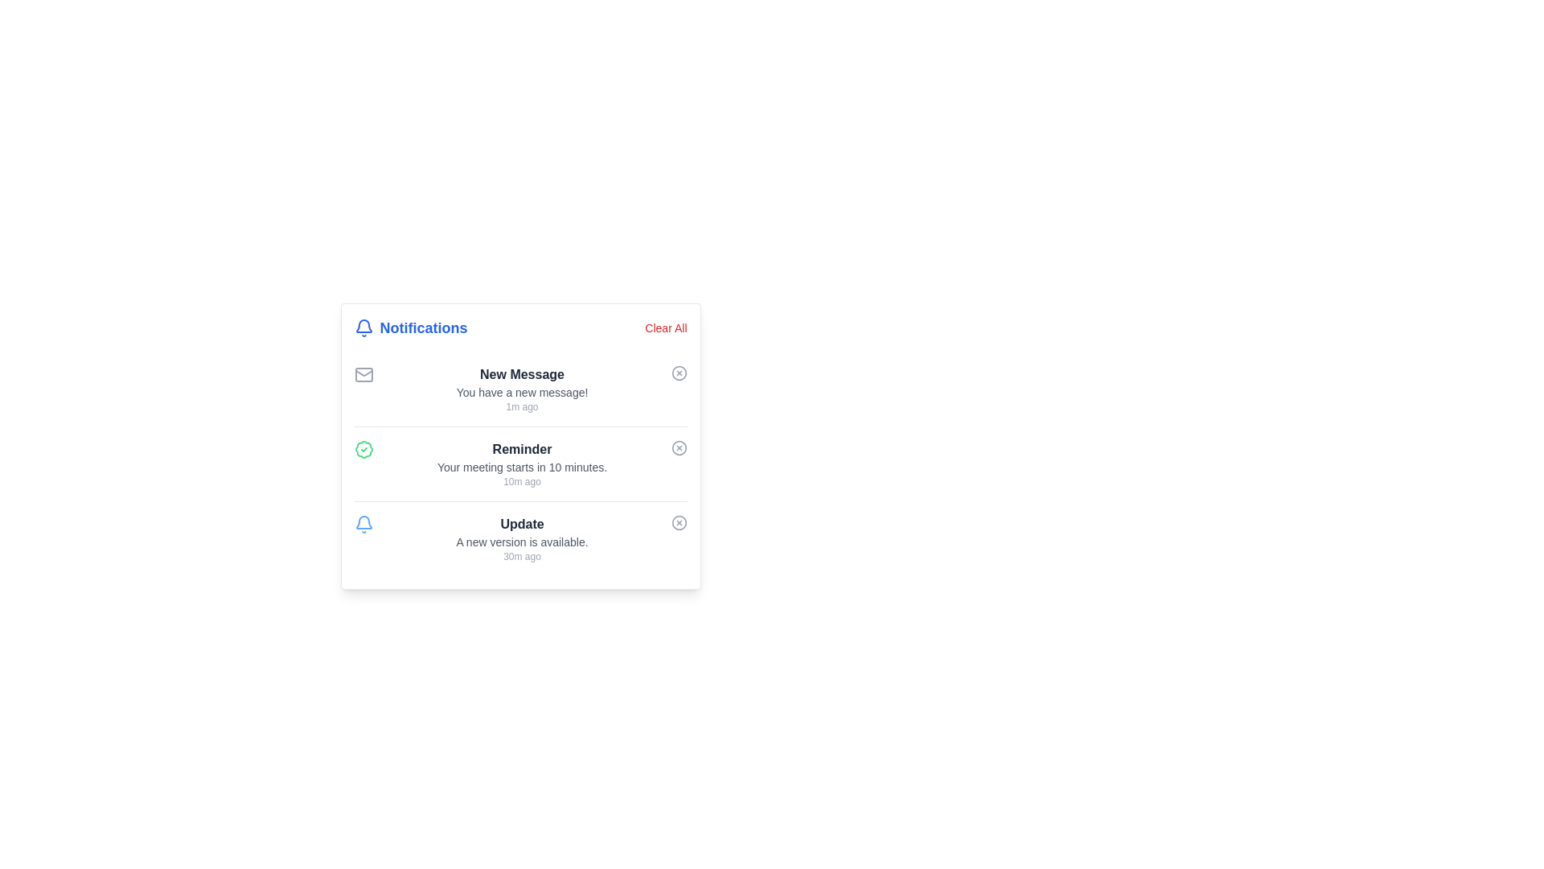 The image size is (1544, 869). Describe the element at coordinates (363, 375) in the screenshot. I see `the notification icon indicating a new message, which is located at the far left of the notification section, adjacent to the text 'New Message' and 'You have a new message!'` at that location.